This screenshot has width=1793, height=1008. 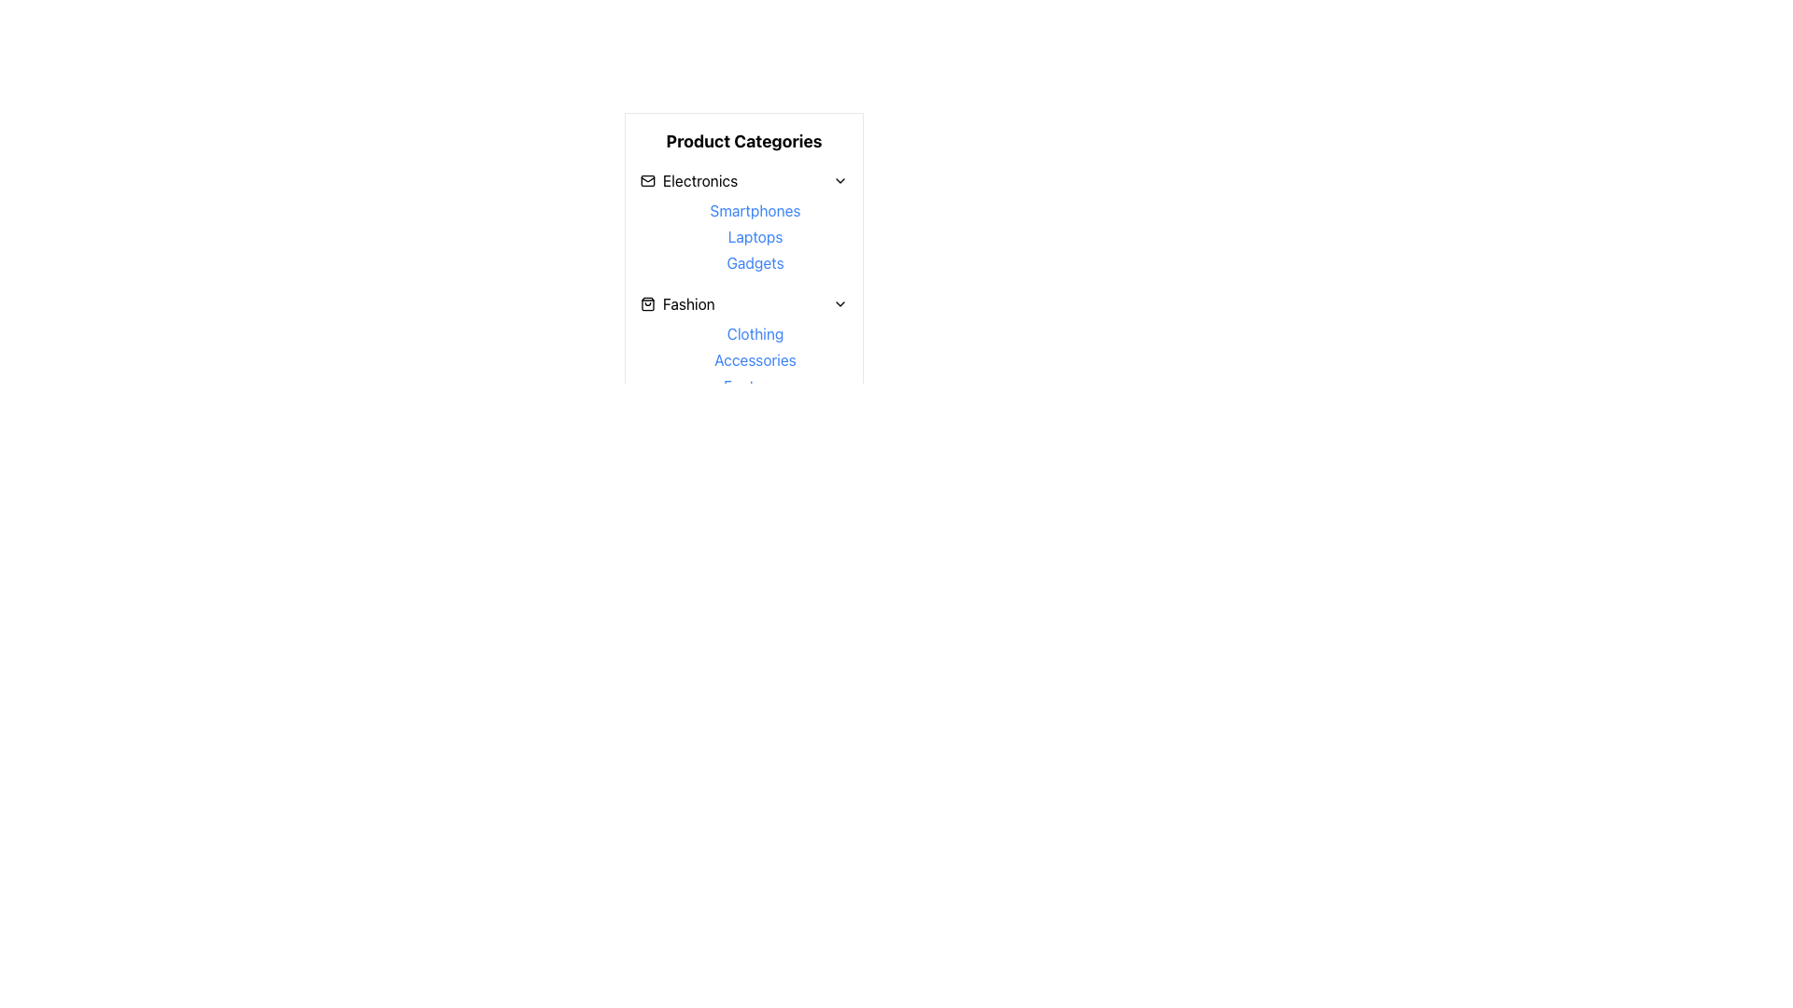 I want to click on the 'Electronics' text label, which is bold and part of the product categories list, so click(x=688, y=180).